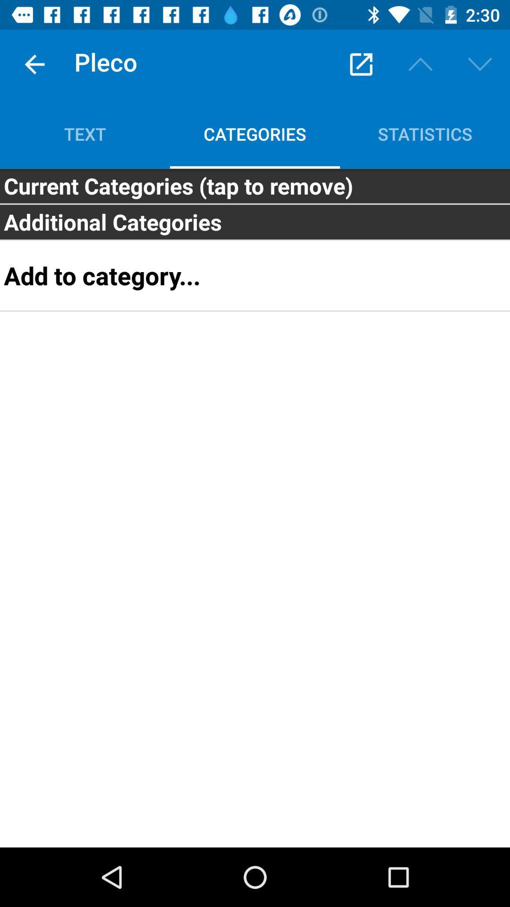 The width and height of the screenshot is (510, 907). I want to click on the icon next to text item, so click(361, 64).